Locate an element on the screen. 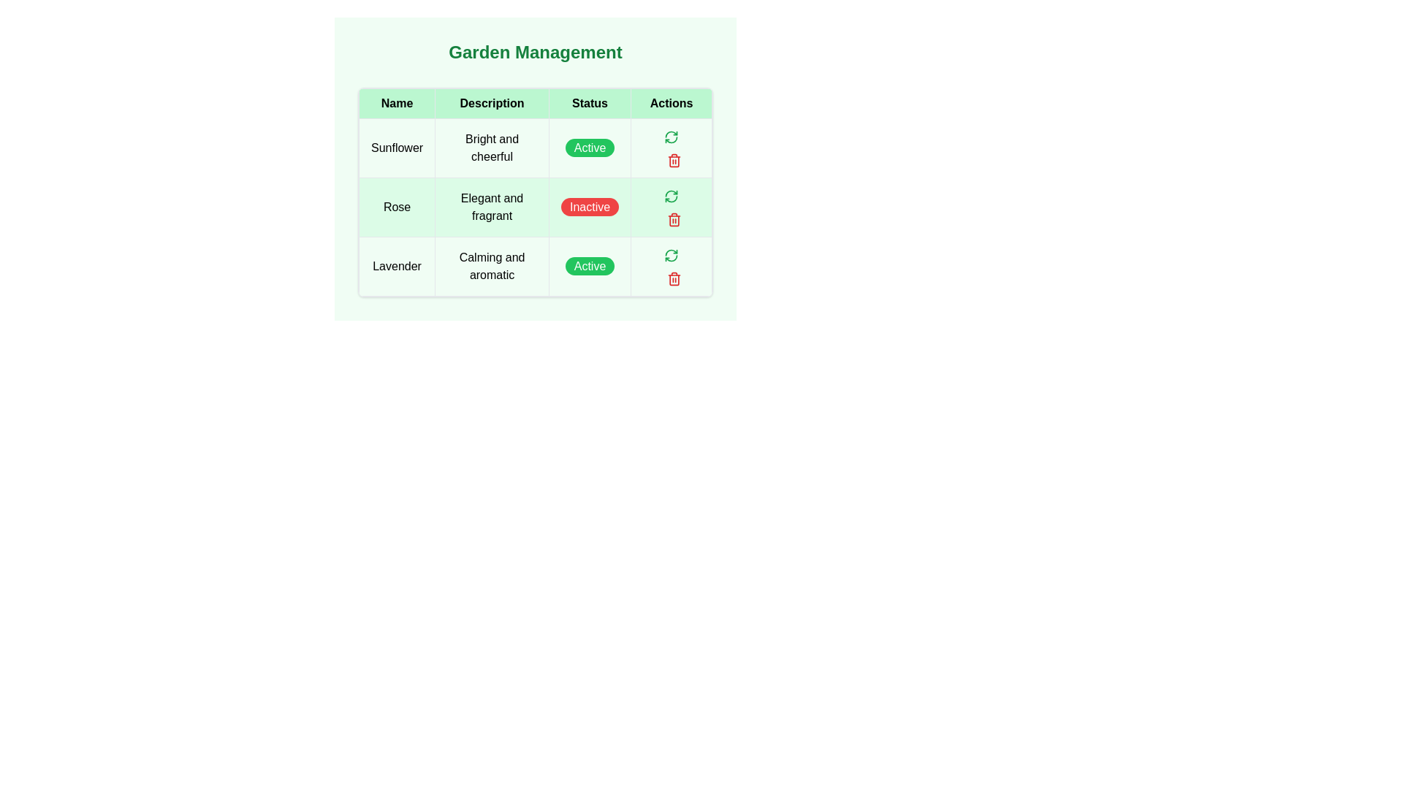 This screenshot has height=789, width=1403. to select the second row in the table representing the item 'Rose', which includes its description, current status, and associated actions is located at coordinates (535, 207).